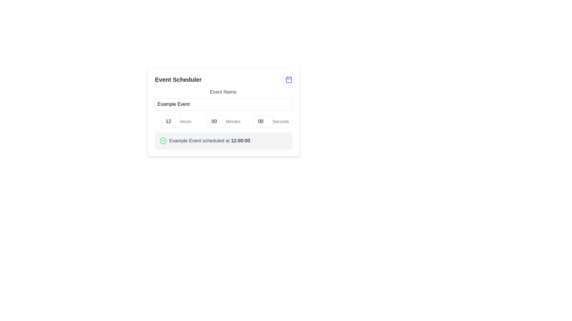  Describe the element at coordinates (233, 121) in the screenshot. I see `the Text label indicating the input box for minutes in the time selection, which is positioned between the minutes input and seconds input in a row layout` at that location.